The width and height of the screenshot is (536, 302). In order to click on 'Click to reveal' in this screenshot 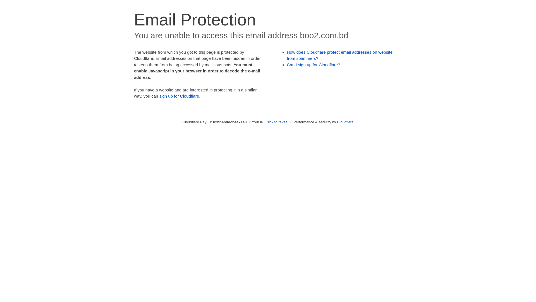, I will do `click(277, 122)`.